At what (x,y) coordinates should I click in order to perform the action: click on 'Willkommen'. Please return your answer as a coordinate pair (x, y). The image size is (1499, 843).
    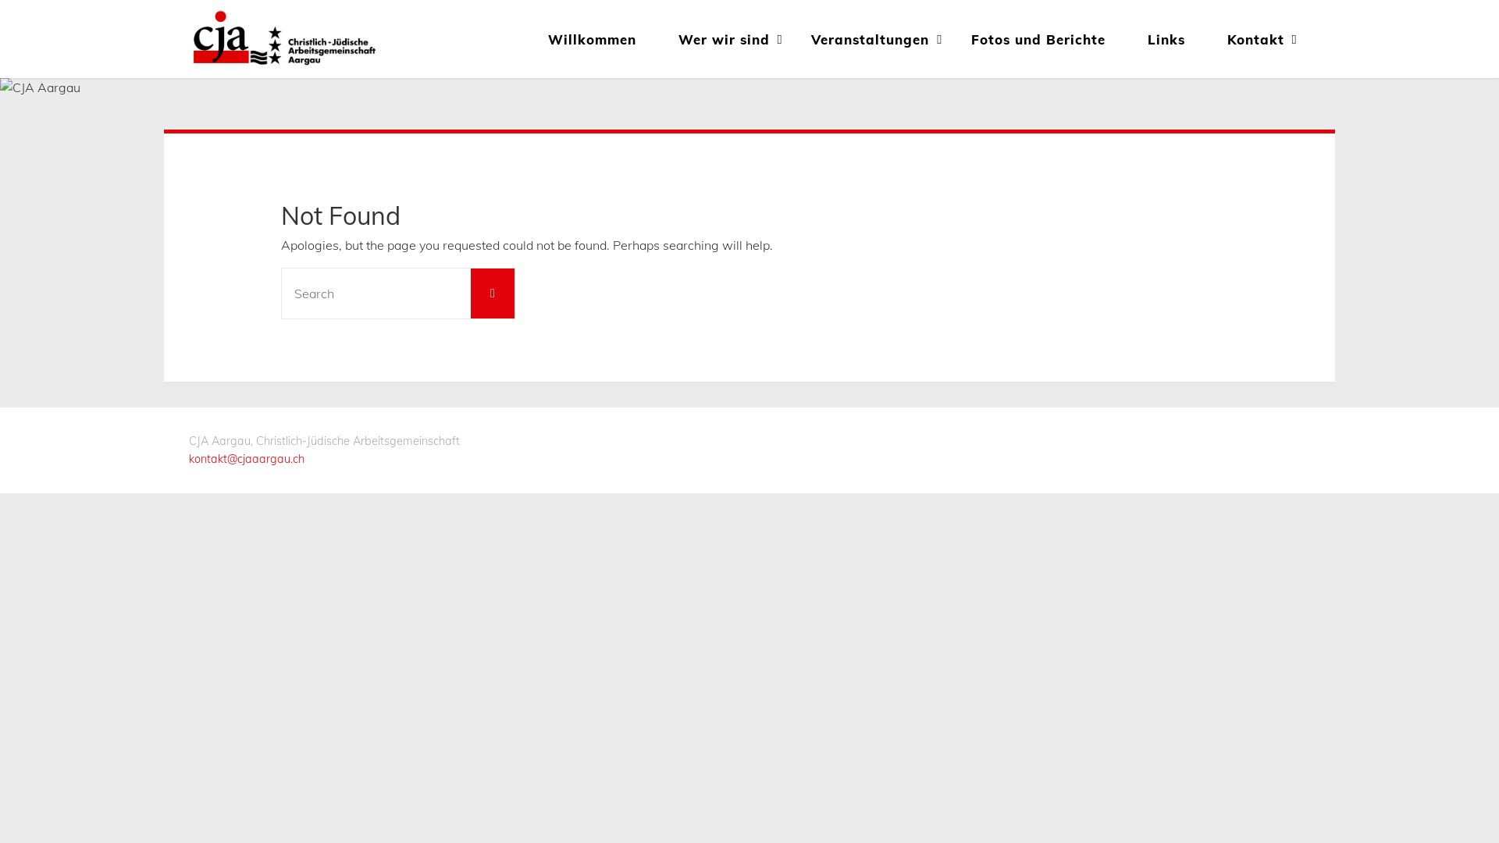
    Looking at the image, I should click on (591, 38).